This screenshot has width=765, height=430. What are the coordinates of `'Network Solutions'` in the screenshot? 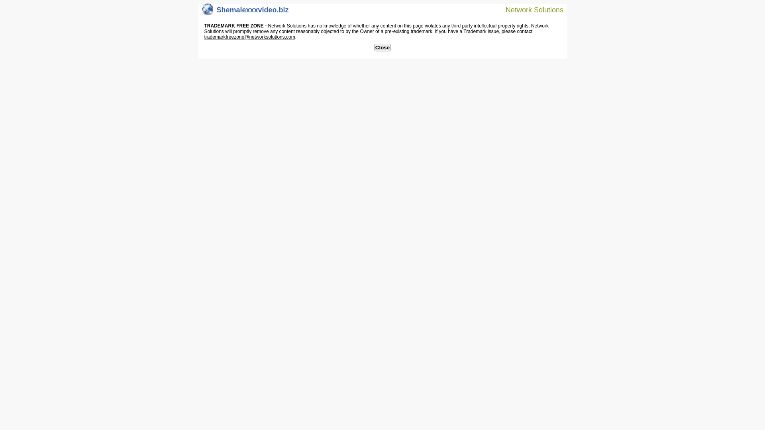 It's located at (530, 9).